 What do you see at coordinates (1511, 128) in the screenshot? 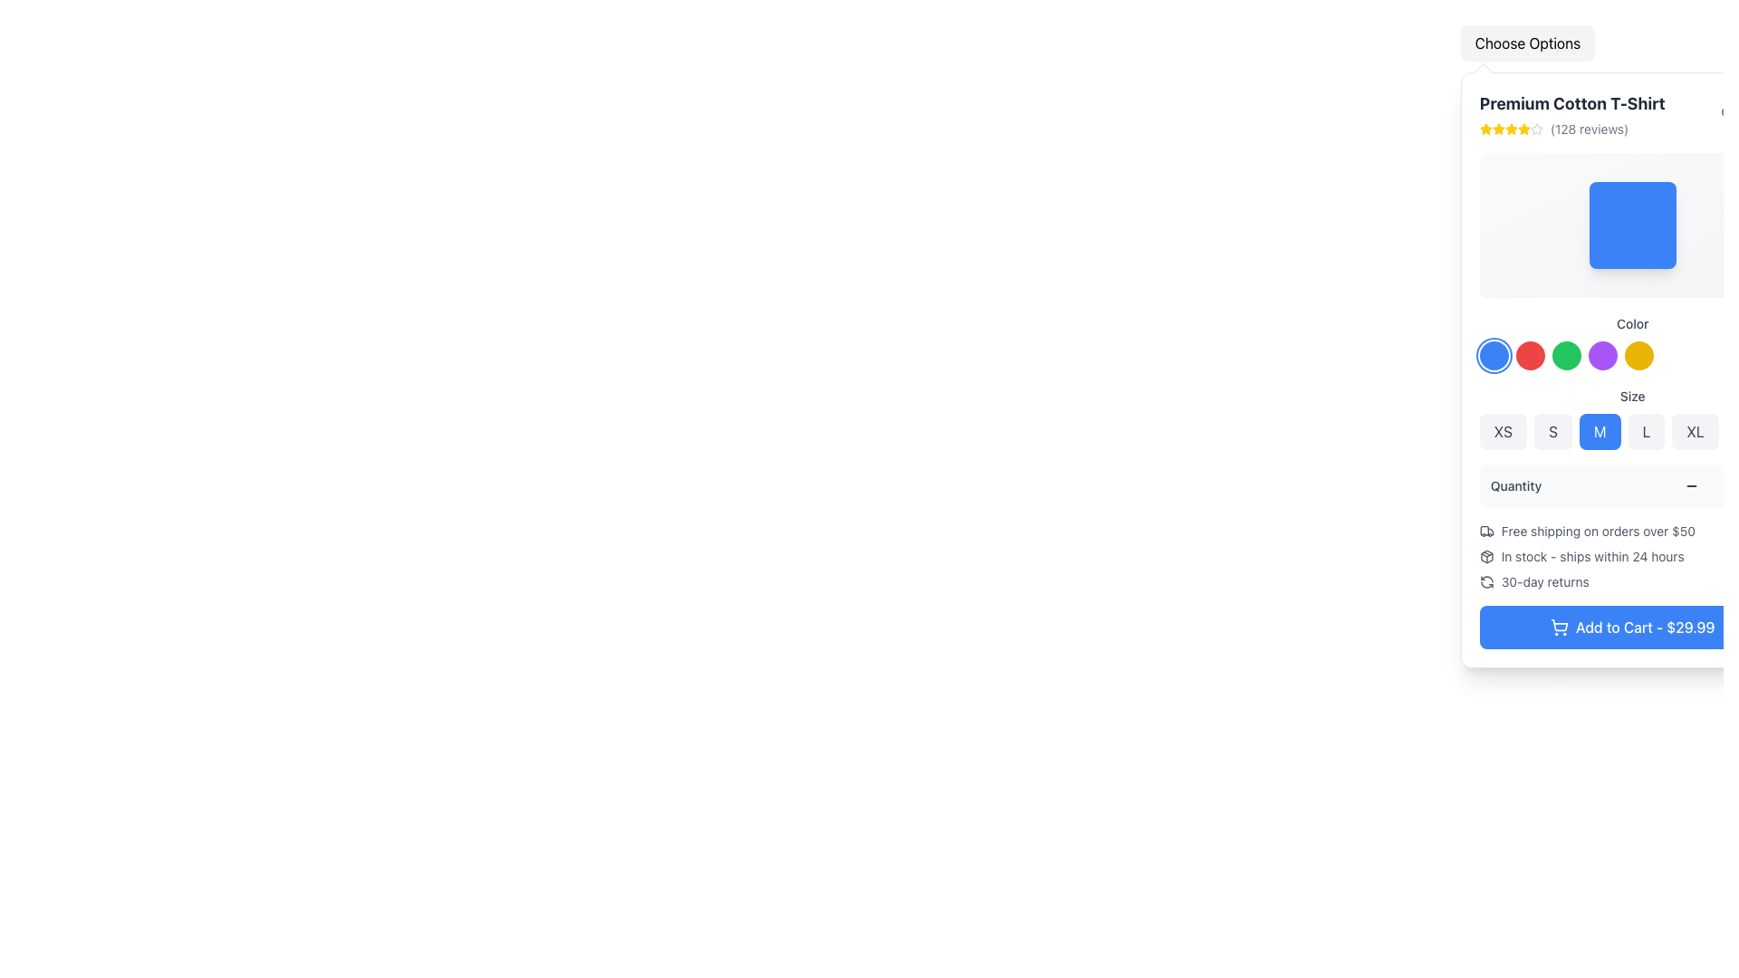
I see `the second yellow star in the rating section` at bounding box center [1511, 128].